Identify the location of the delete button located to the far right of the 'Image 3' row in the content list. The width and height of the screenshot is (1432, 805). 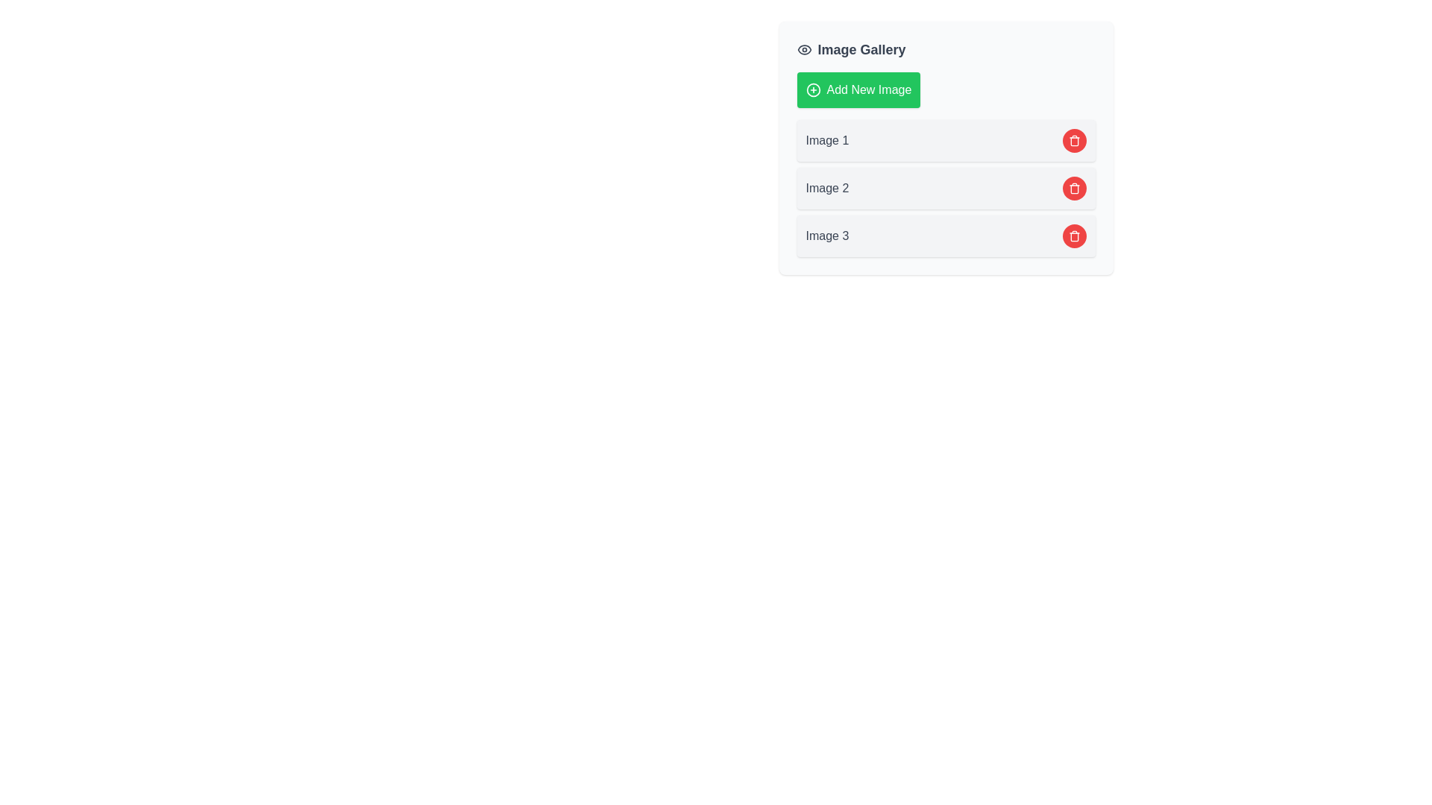
(1074, 235).